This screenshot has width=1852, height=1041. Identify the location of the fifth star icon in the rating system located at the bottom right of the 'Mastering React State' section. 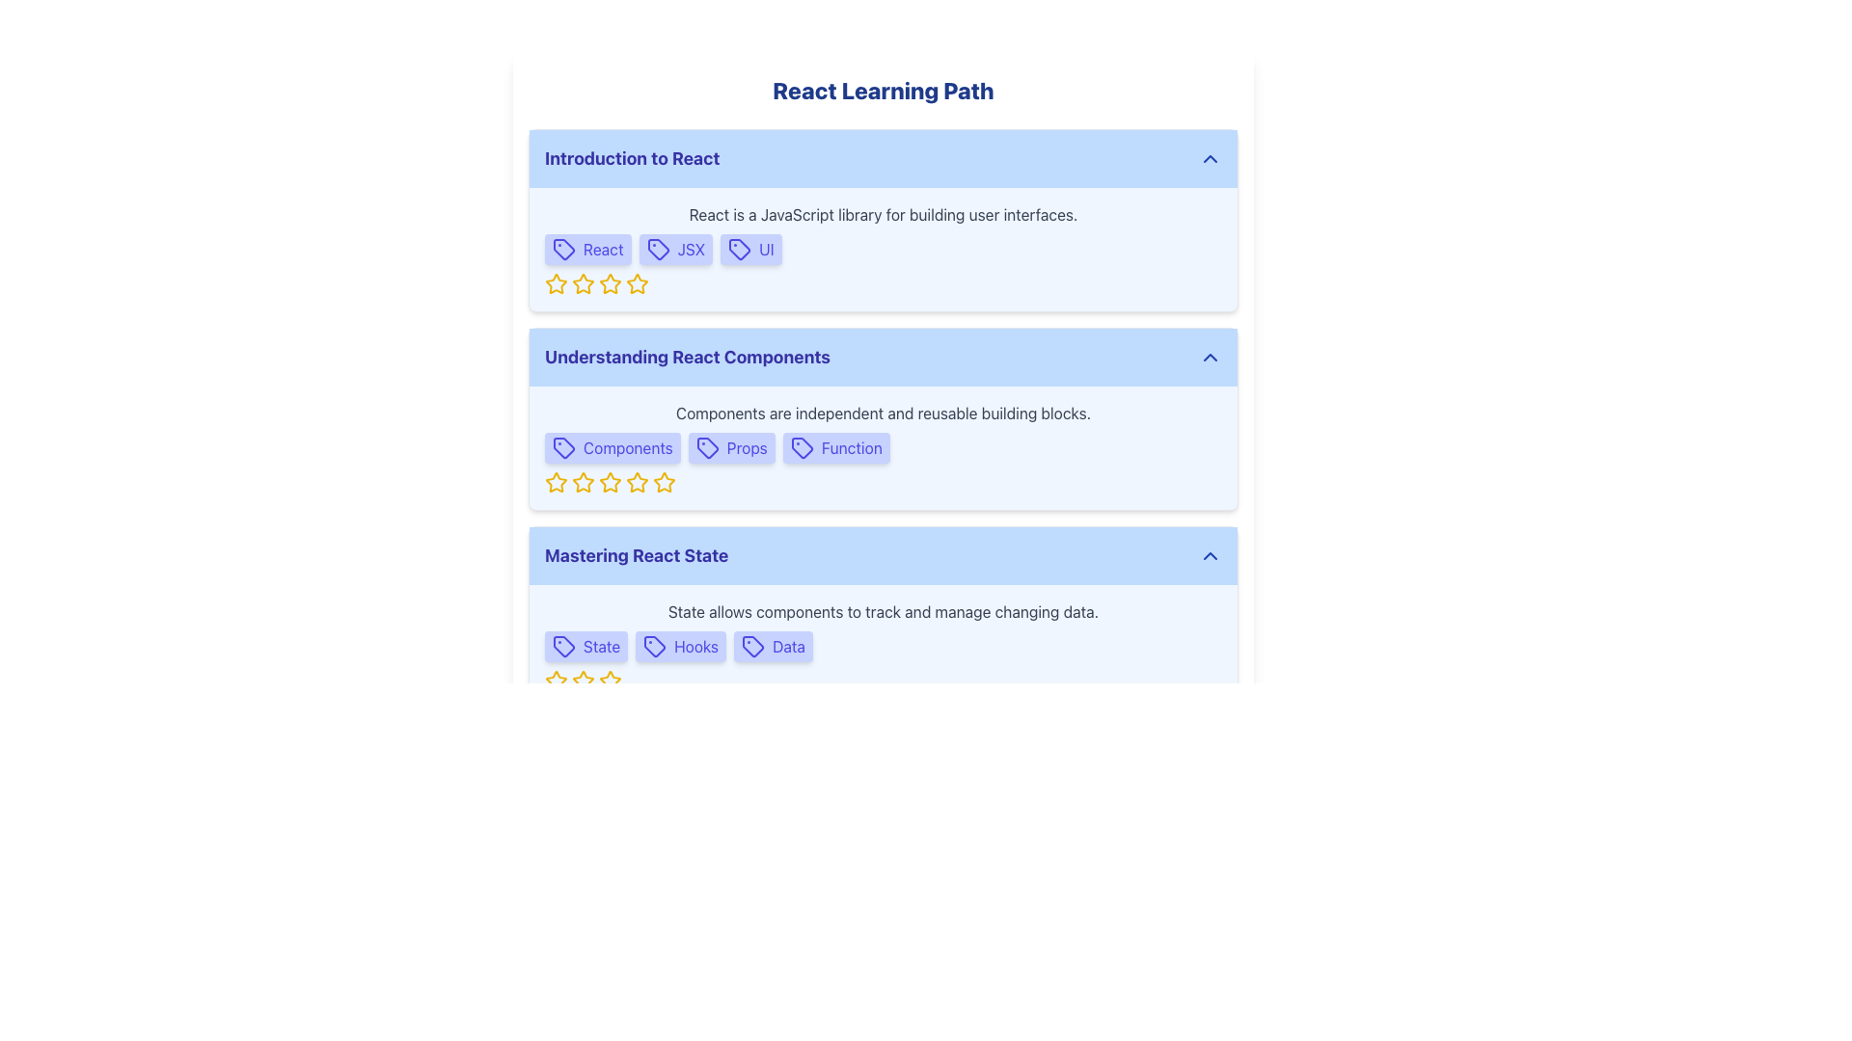
(582, 680).